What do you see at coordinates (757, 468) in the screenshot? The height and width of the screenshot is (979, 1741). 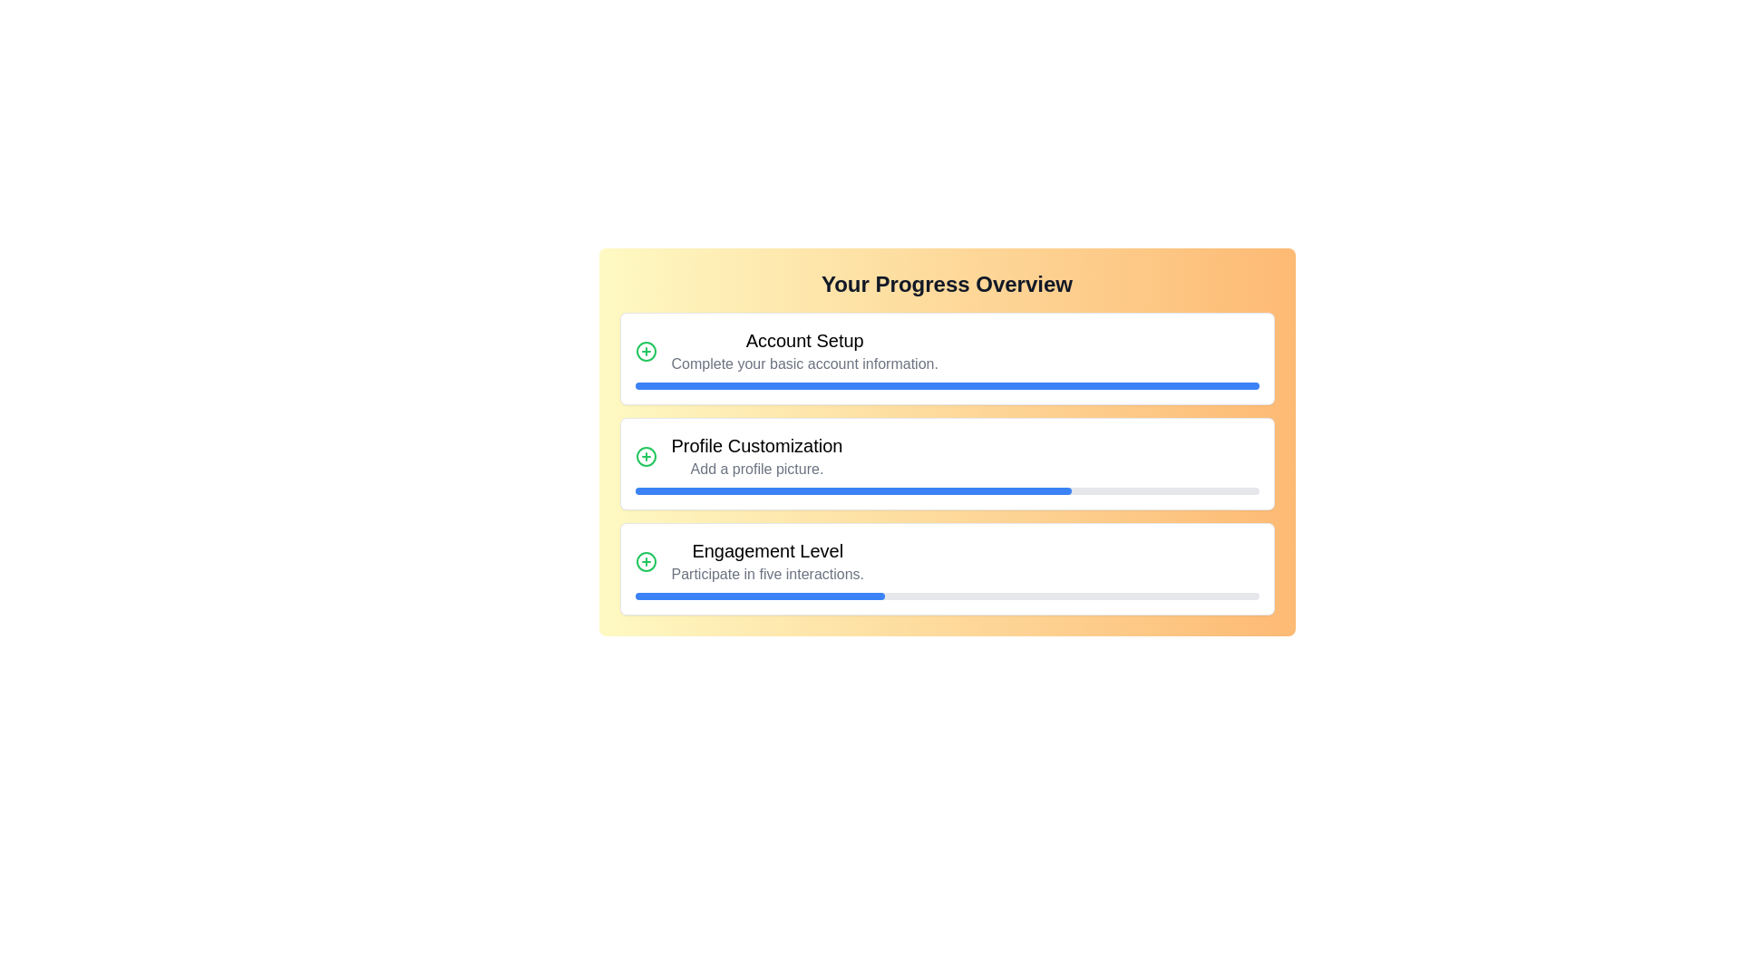 I see `informational text suggesting users to add a profile picture, located below the 'Profile Customization' heading in the progress overview interface` at bounding box center [757, 468].